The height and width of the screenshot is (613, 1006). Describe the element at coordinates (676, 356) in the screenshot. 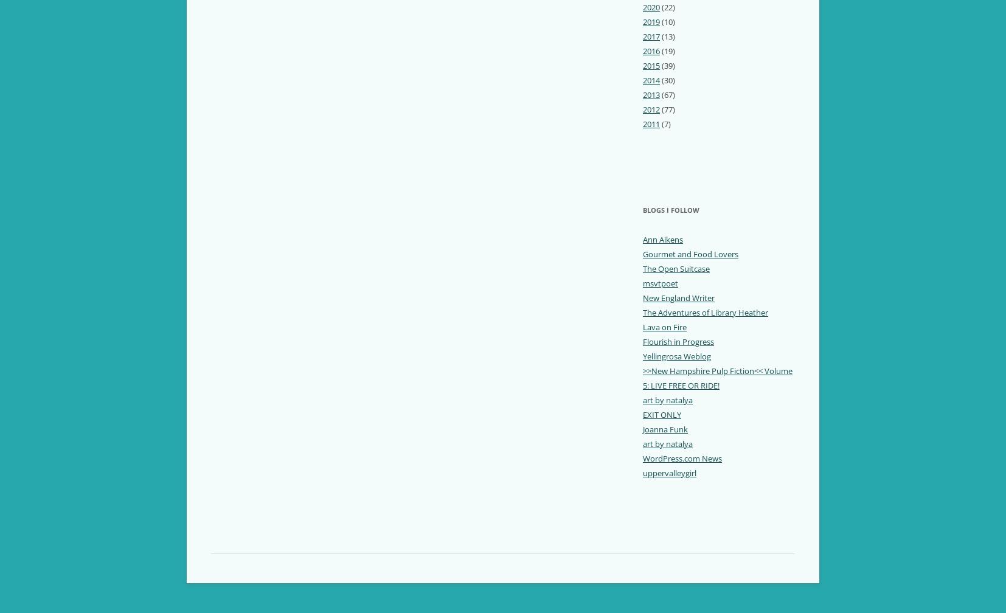

I see `'Yellingrosa Weblog'` at that location.